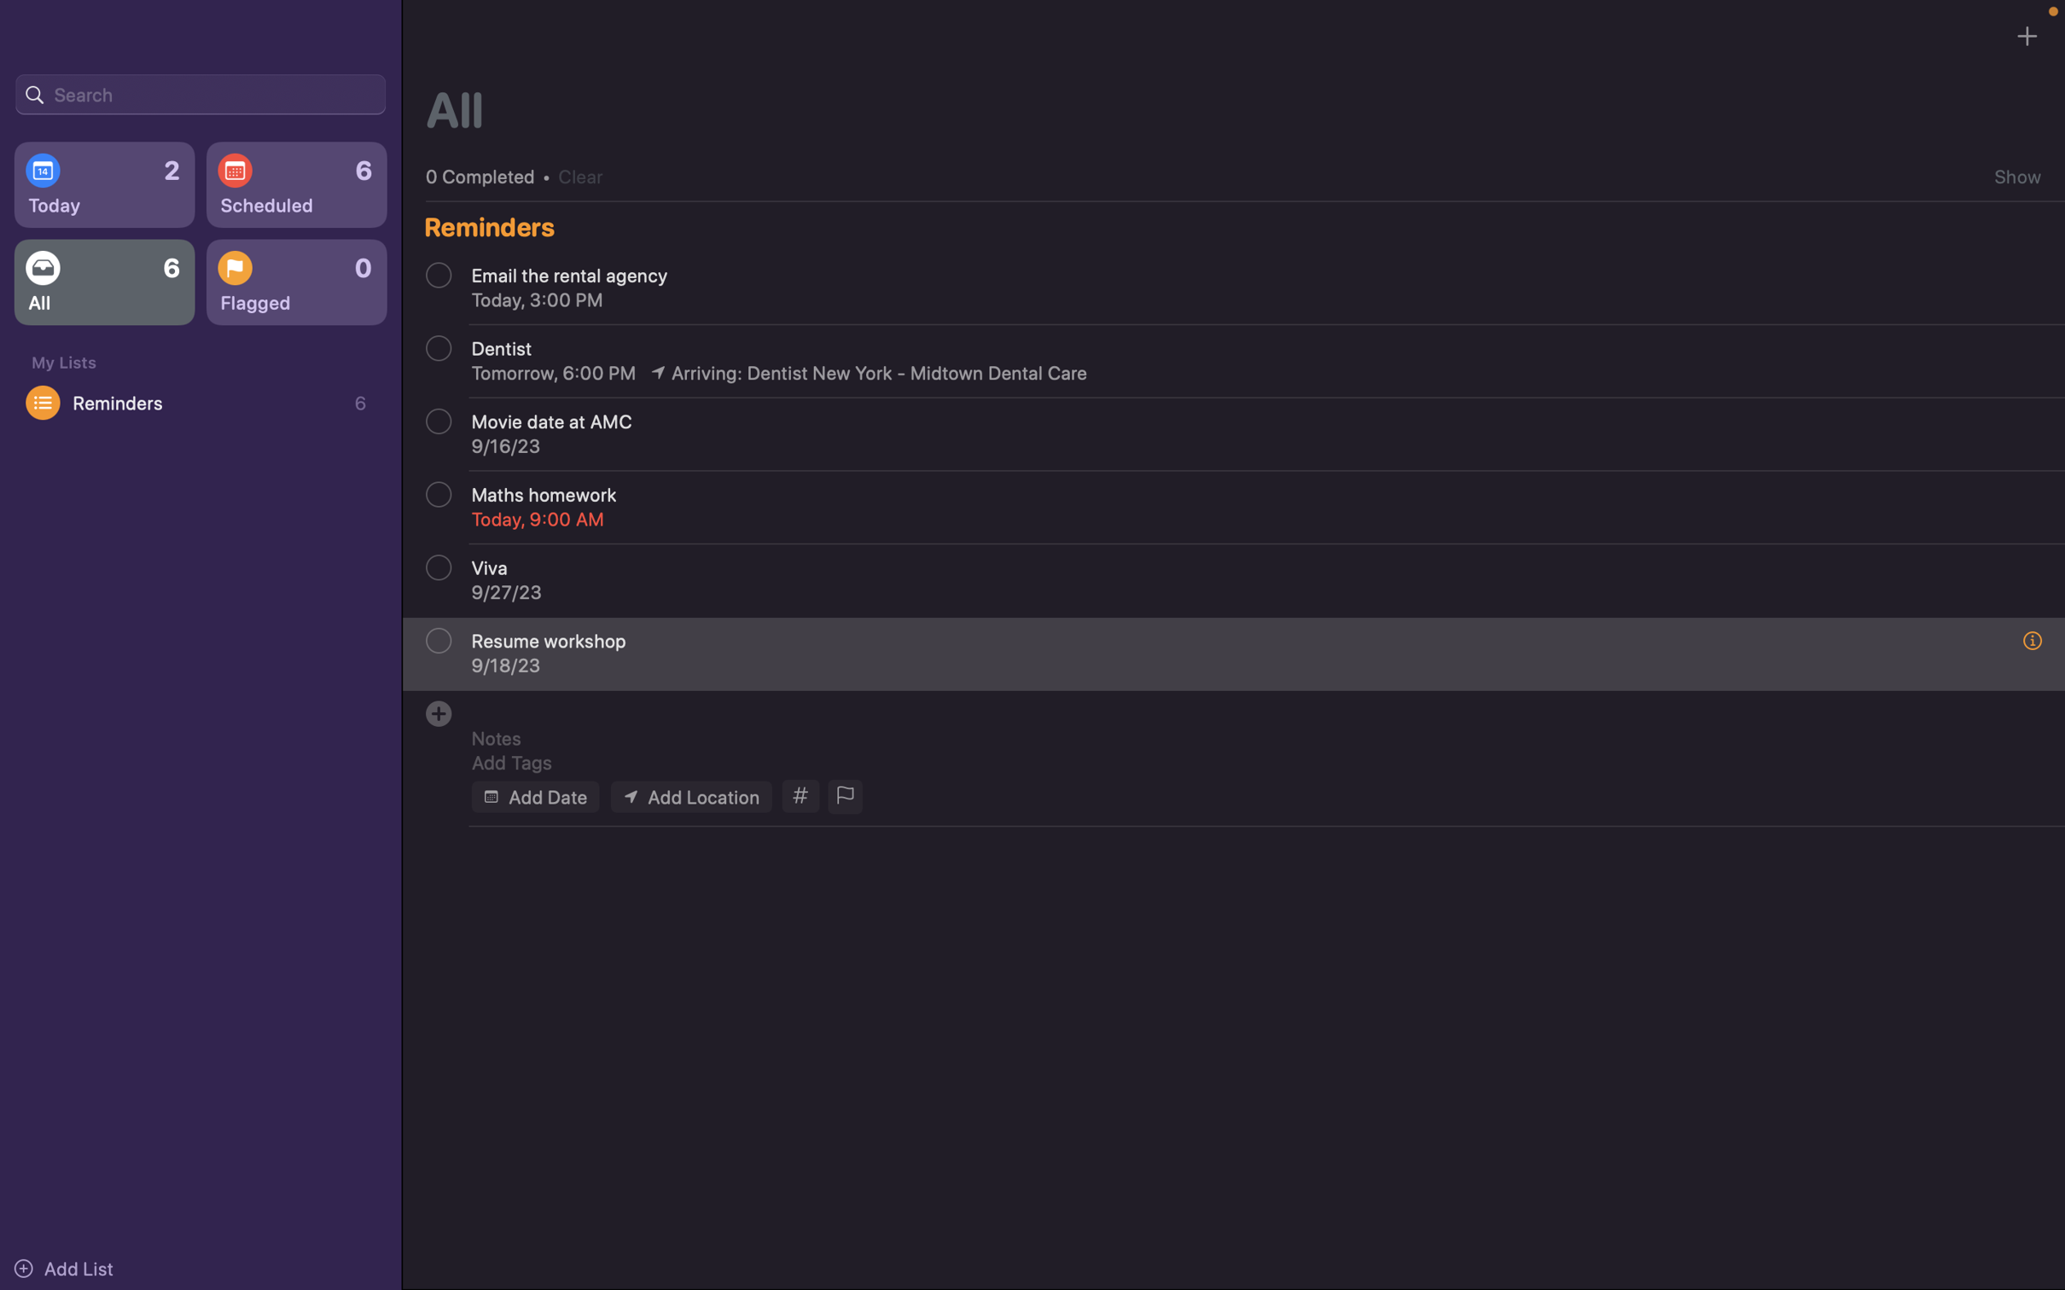  I want to click on Append a note to the event with the text "bring textbook", so click(1243, 737).